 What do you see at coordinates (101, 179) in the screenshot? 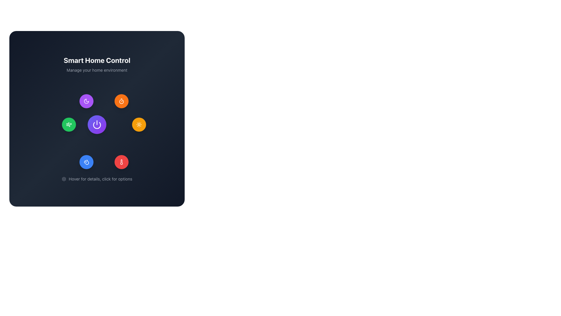
I see `the static text located below the icon grid, which provides guidance and action hints to users, to interpret contextual information` at bounding box center [101, 179].